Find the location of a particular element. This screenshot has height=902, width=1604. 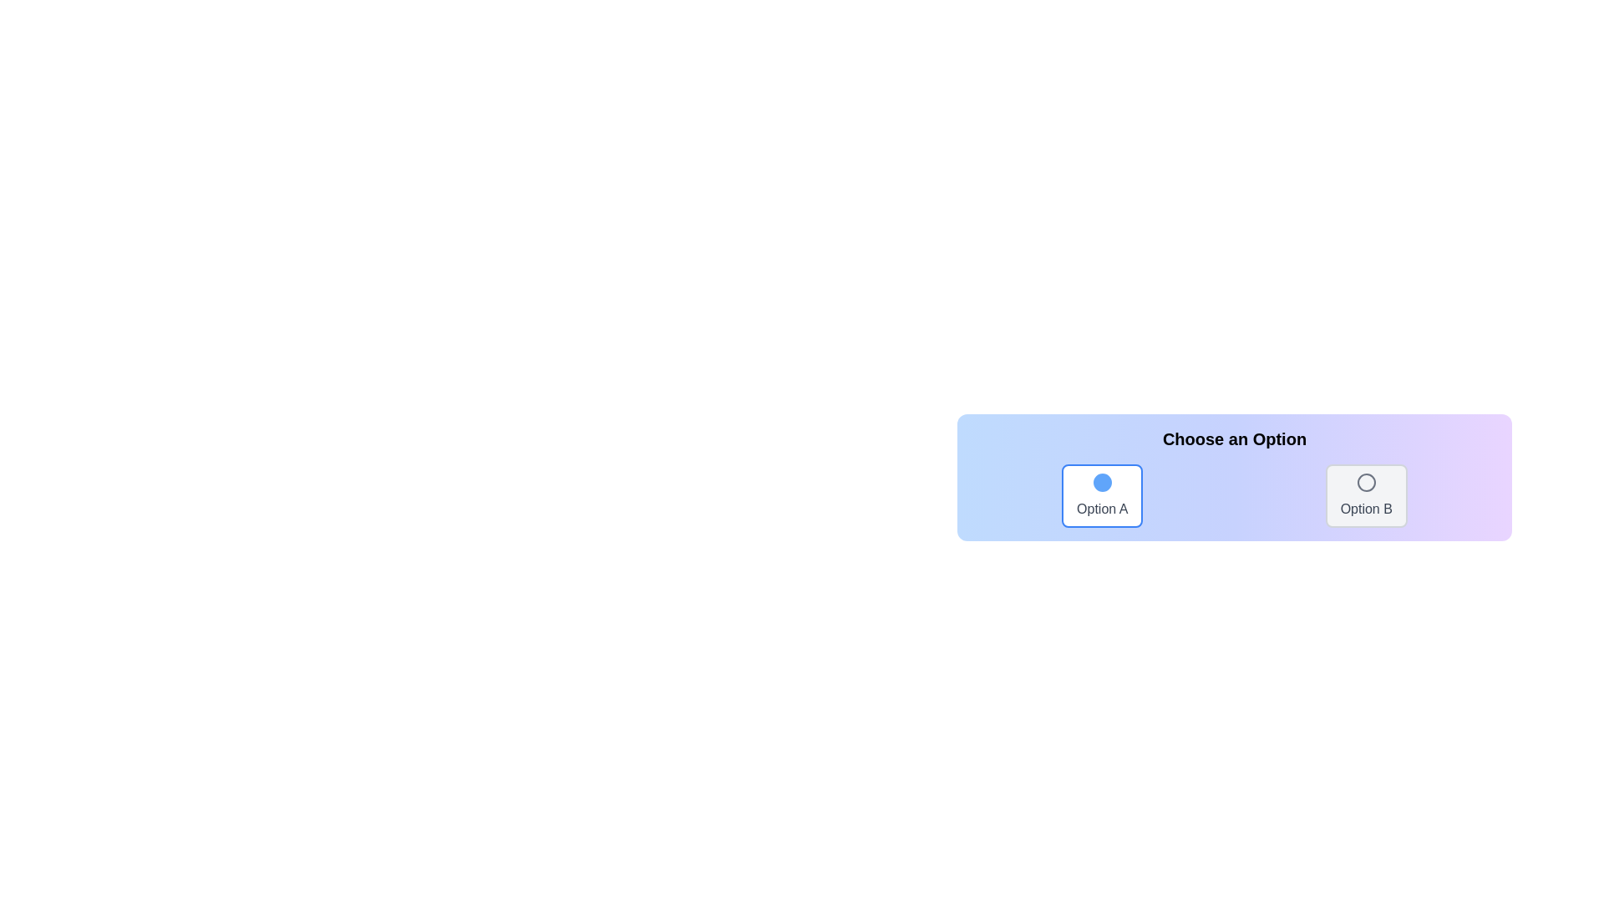

the button-like option selector labeled 'Option A' is located at coordinates (1102, 495).